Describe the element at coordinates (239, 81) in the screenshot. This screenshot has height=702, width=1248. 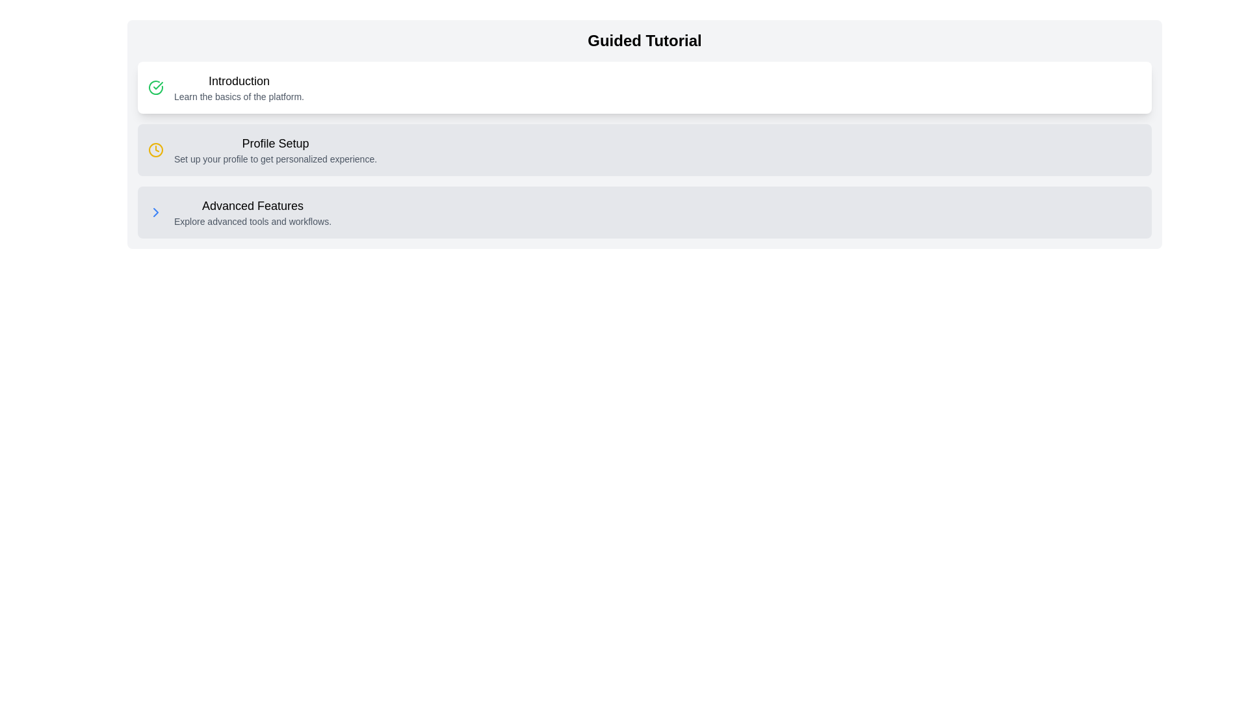
I see `the text label reading 'Introduction', which is styled with a larger and bold font, positioned at the beginning of the section above the text 'Learn the basics of the platform'` at that location.